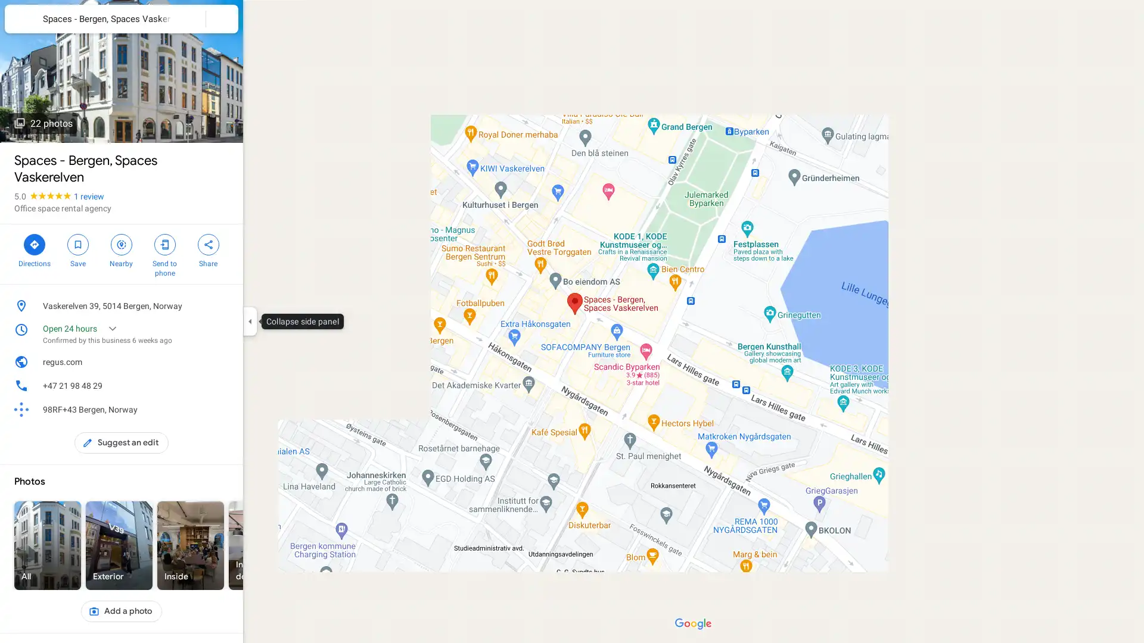  Describe the element at coordinates (164, 254) in the screenshot. I see `Send Spaces - Bergen, Spaces Vaskerelven to your phone` at that location.